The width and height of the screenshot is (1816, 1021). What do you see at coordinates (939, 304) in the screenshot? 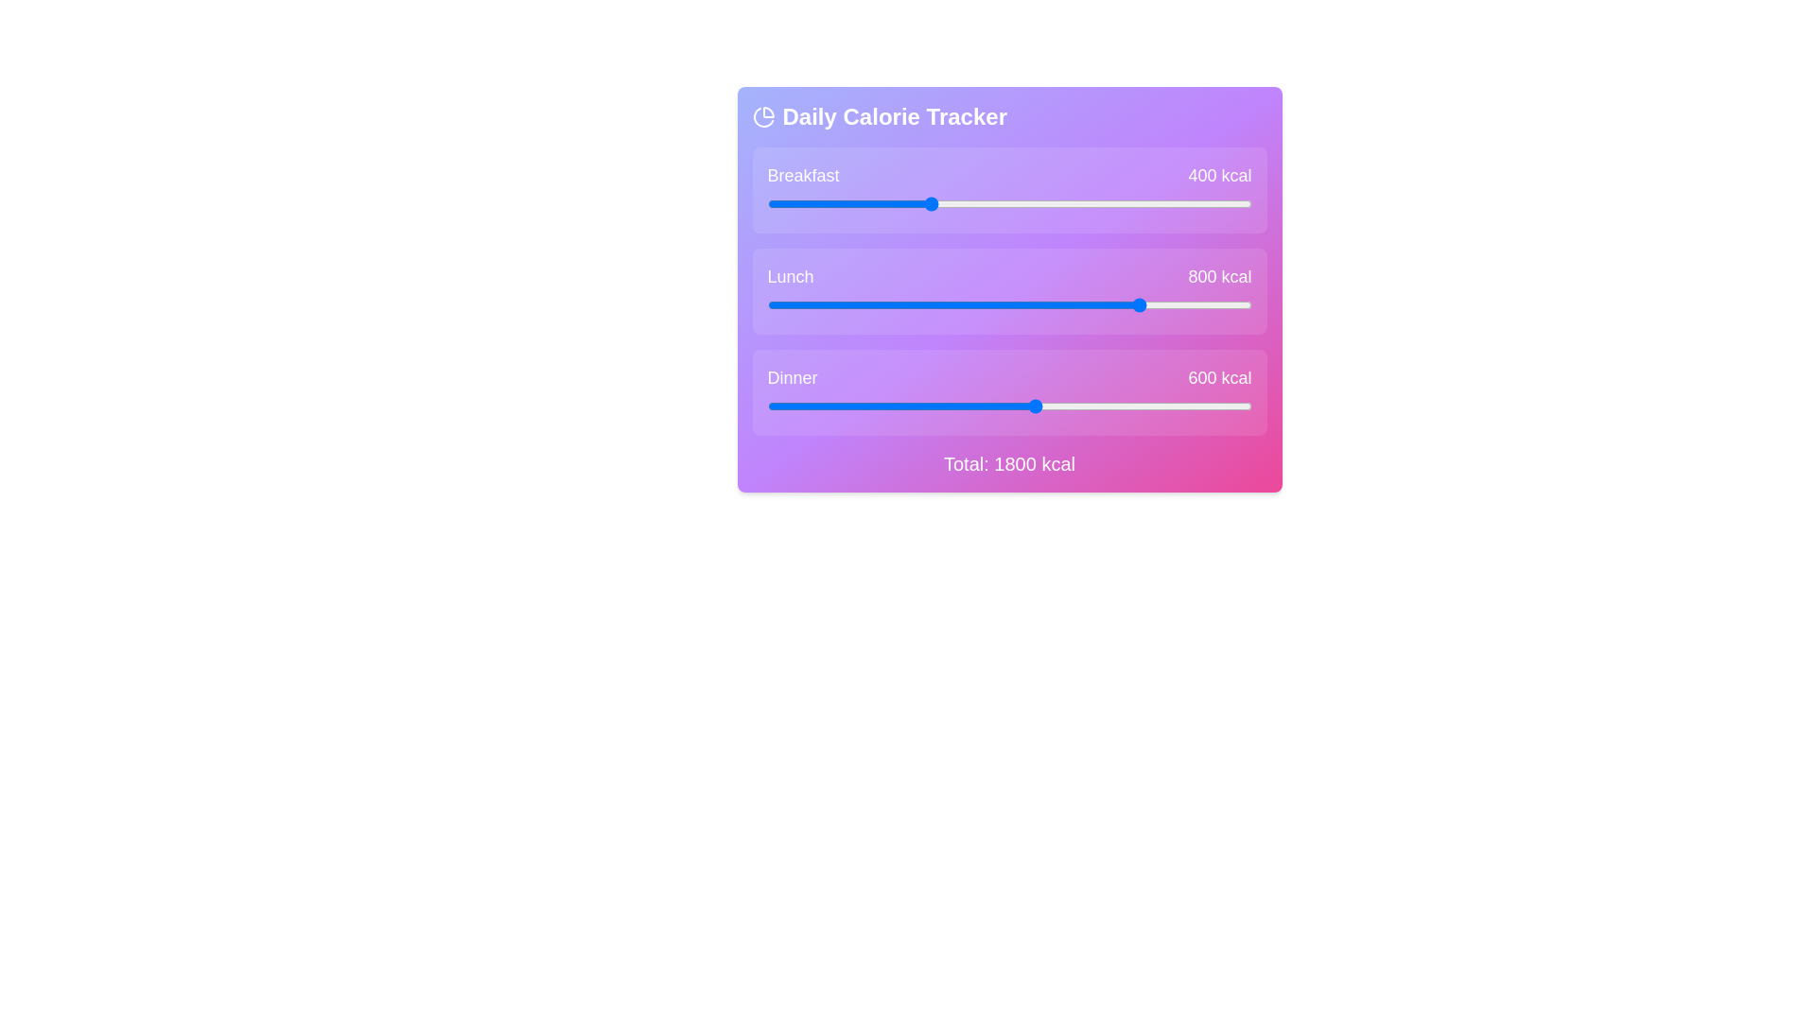
I see `the lunch calorie value` at bounding box center [939, 304].